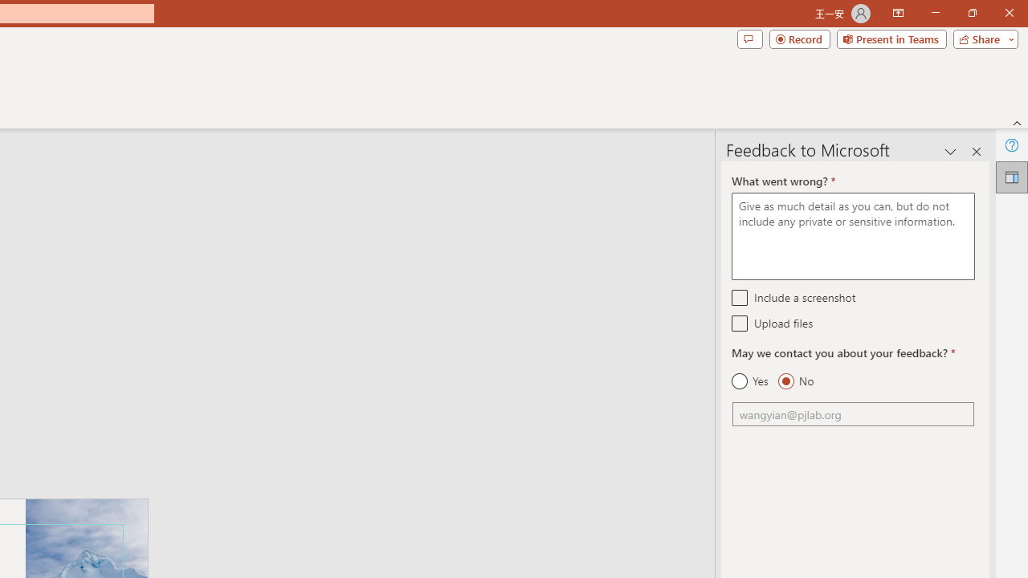  I want to click on 'Minimize', so click(935, 13).